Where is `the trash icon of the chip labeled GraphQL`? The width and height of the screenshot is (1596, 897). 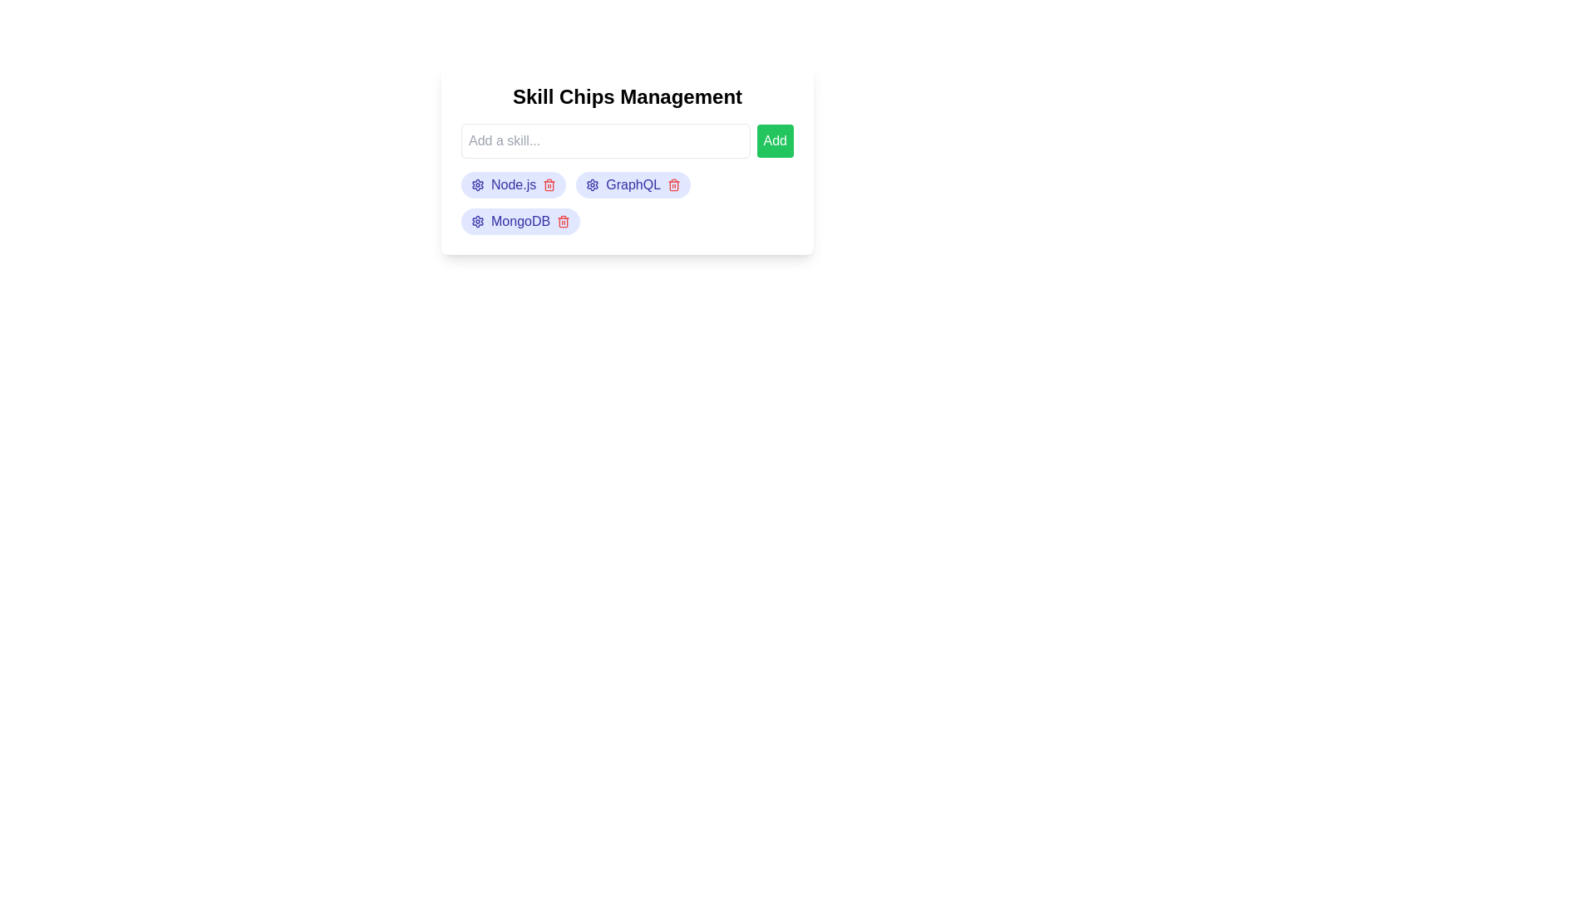
the trash icon of the chip labeled GraphQL is located at coordinates (674, 185).